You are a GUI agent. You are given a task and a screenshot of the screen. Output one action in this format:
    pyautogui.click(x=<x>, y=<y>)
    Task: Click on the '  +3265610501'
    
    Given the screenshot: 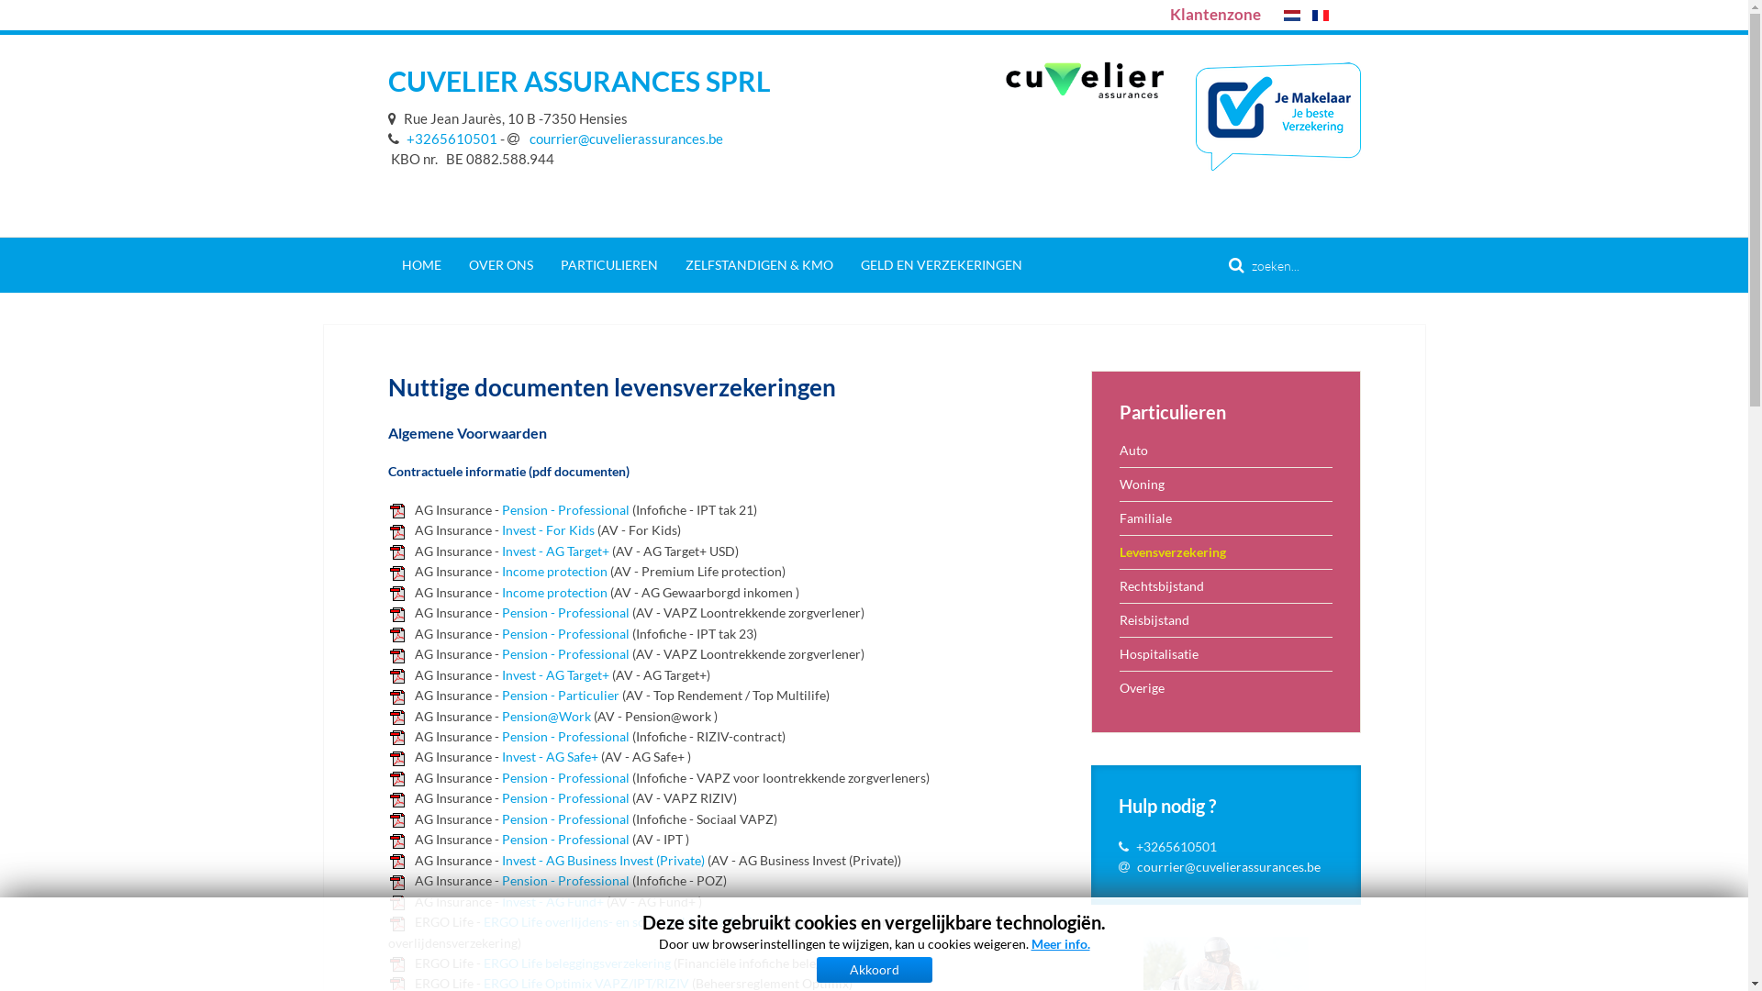 What is the action you would take?
    pyautogui.click(x=441, y=137)
    